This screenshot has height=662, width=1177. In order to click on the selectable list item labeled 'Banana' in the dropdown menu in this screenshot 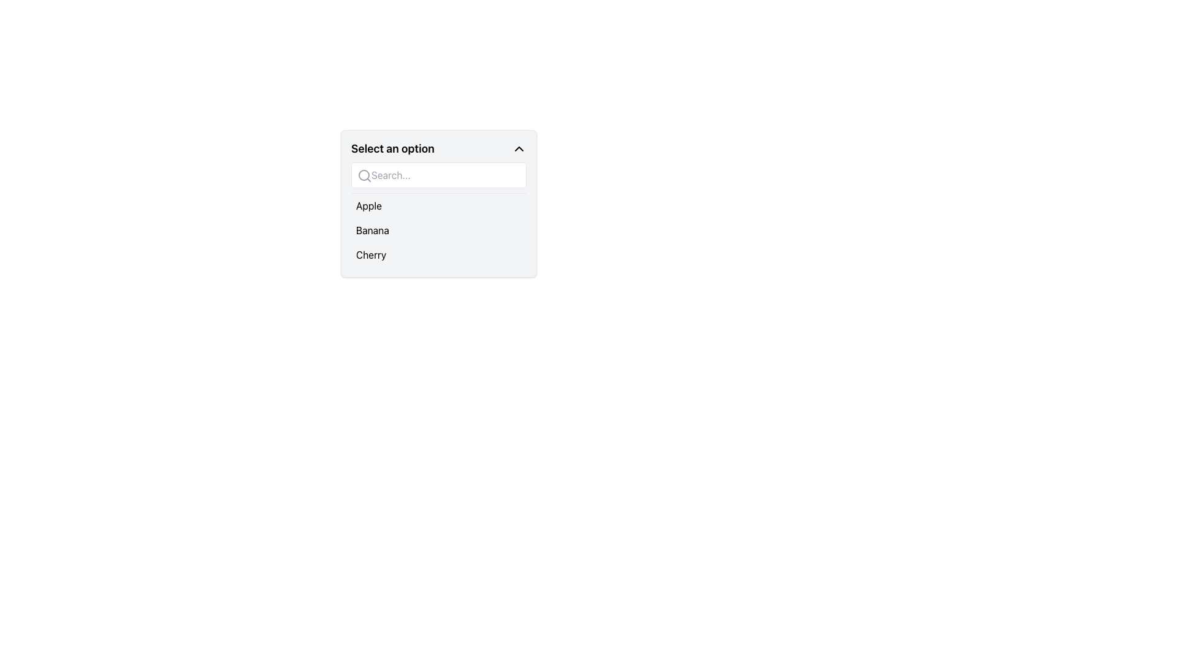, I will do `click(438, 230)`.